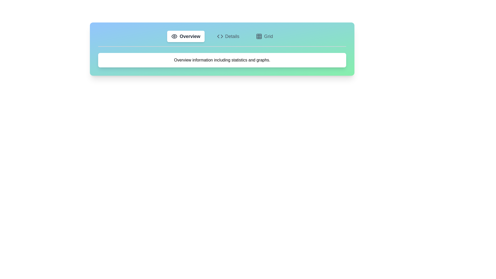 The height and width of the screenshot is (279, 496). I want to click on the Grid tab by clicking its button, so click(264, 36).